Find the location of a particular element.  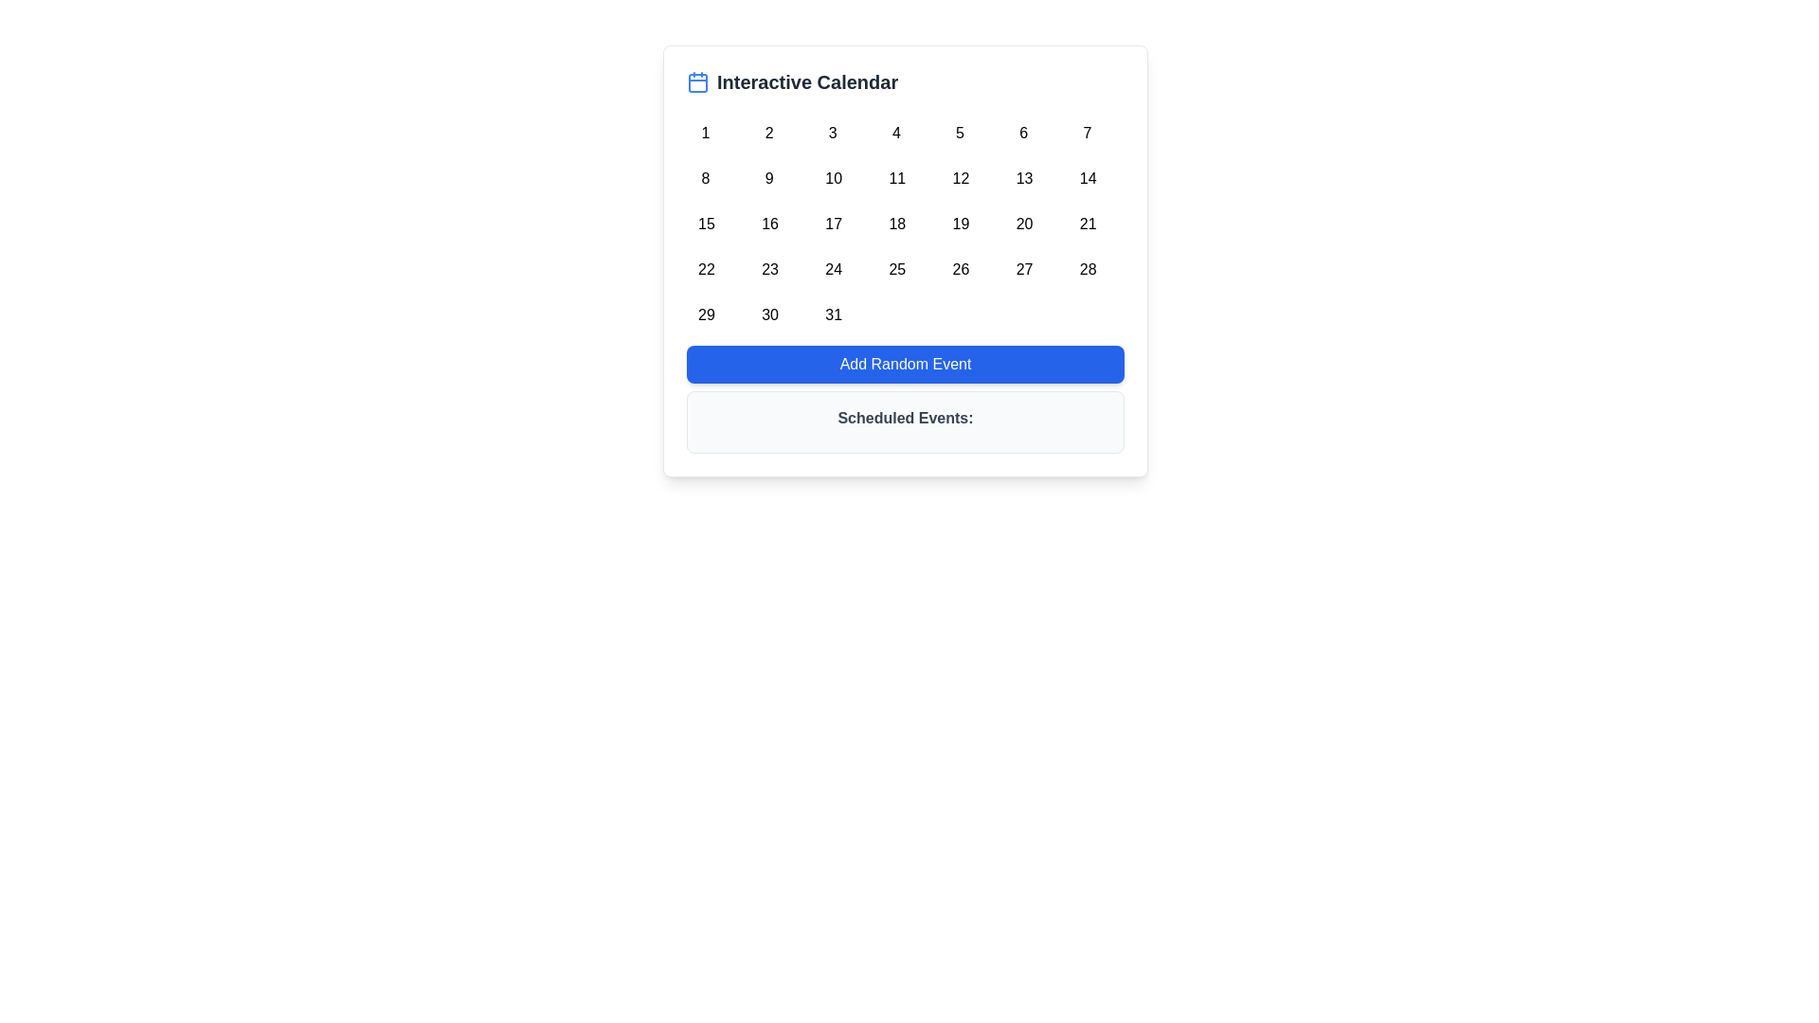

the day number in the Interactive calendar grid is located at coordinates (904, 219).